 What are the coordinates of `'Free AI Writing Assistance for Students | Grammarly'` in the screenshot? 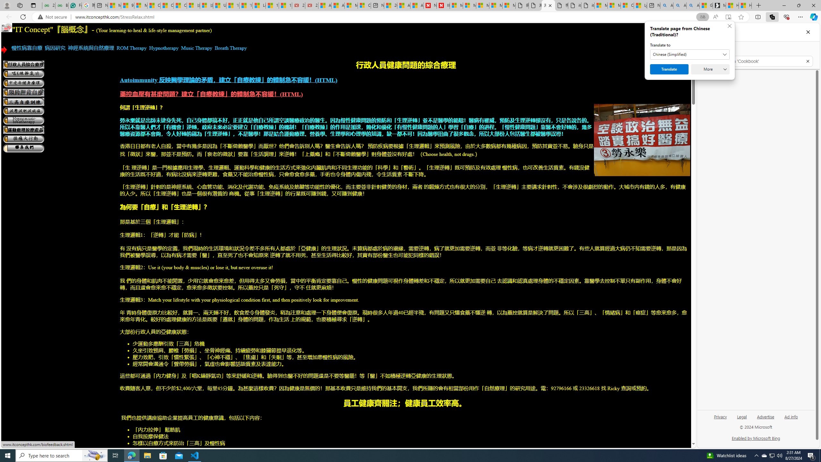 It's located at (75, 5).